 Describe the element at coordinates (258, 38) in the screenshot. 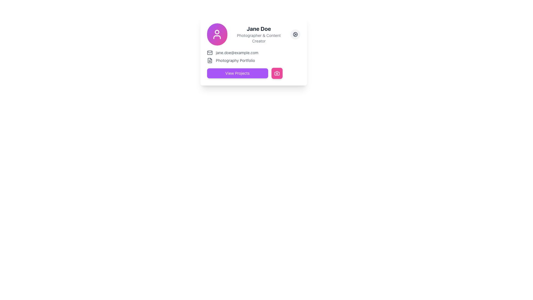

I see `the Text label that provides supplementary information about the individual, specifically their role or profession, located below the name 'Jane Doe'` at that location.